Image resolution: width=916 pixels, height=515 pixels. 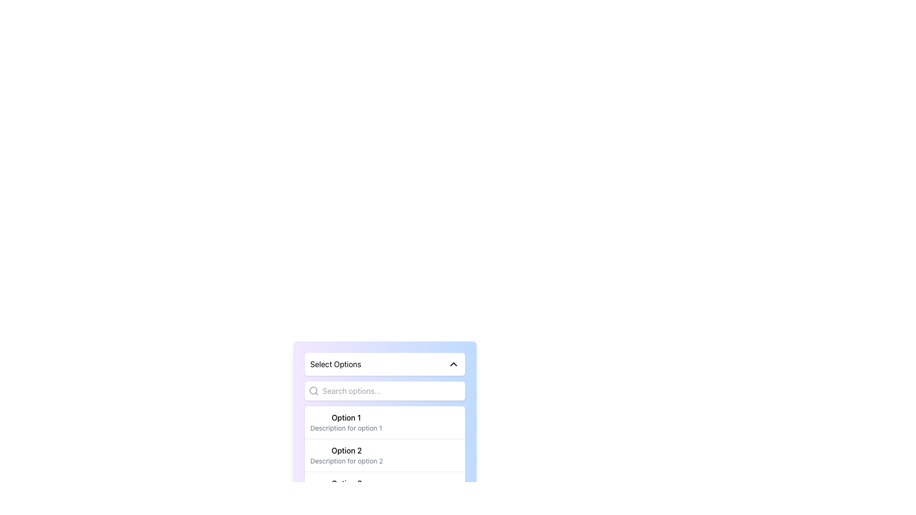 What do you see at coordinates (345, 428) in the screenshot?
I see `the non-interactive text label that provides additional details about 'Option 1', located directly below the 'Option 1' label in the dropdown options section` at bounding box center [345, 428].